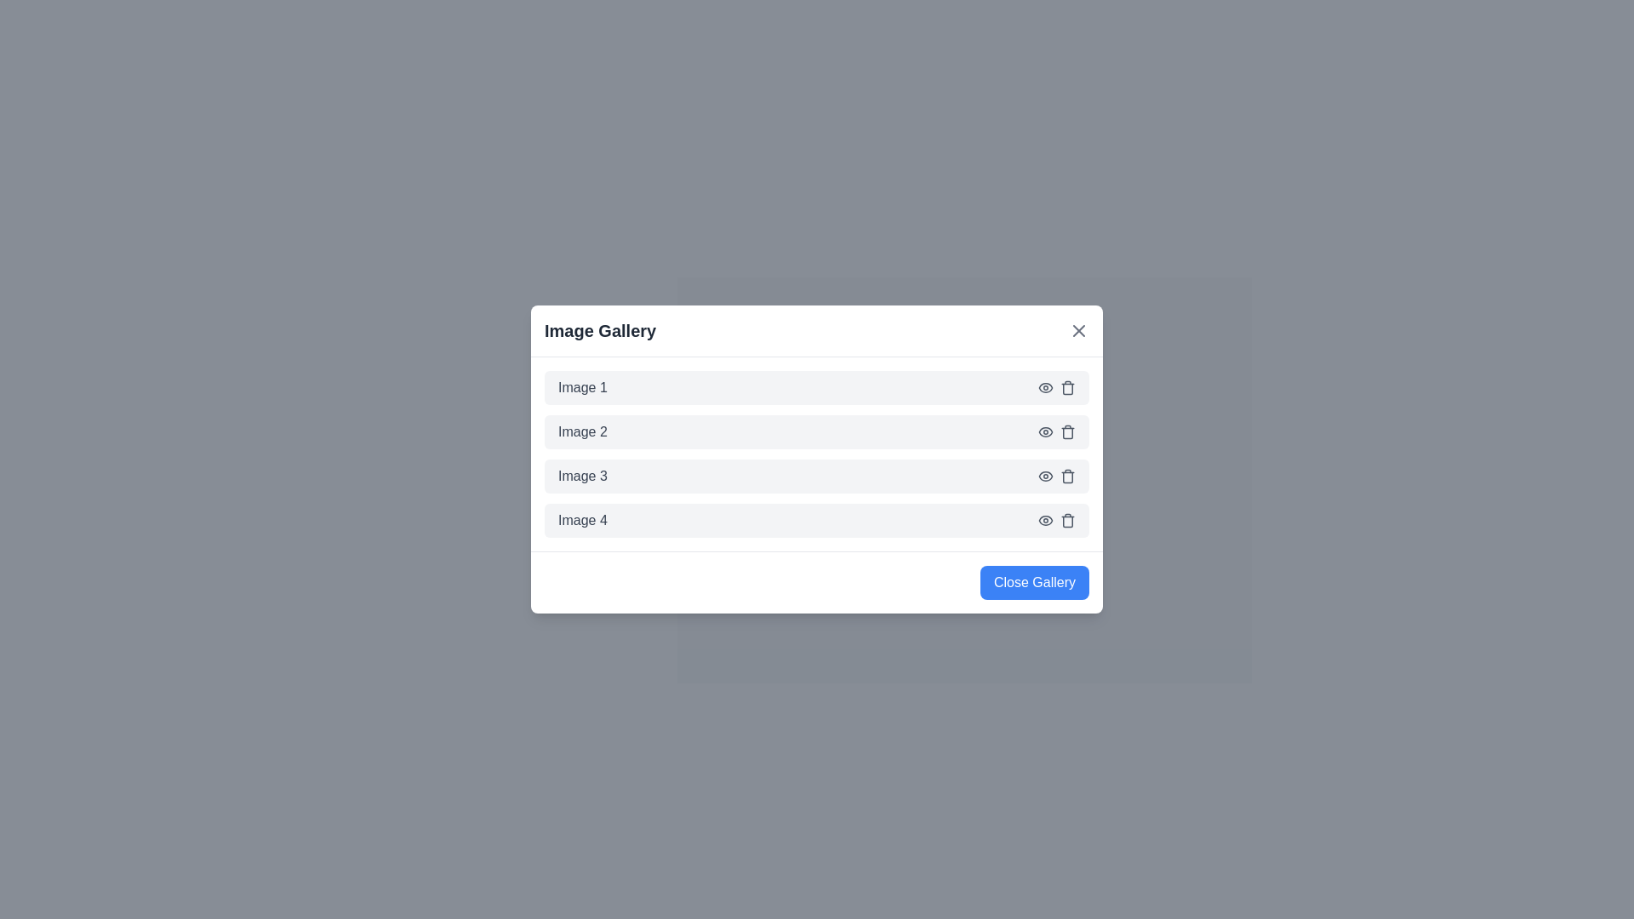 The width and height of the screenshot is (1634, 919). What do you see at coordinates (1044, 387) in the screenshot?
I see `the eye icon located to the right of the list item labeled 'Image 1' in the 'Image Gallery' modal` at bounding box center [1044, 387].